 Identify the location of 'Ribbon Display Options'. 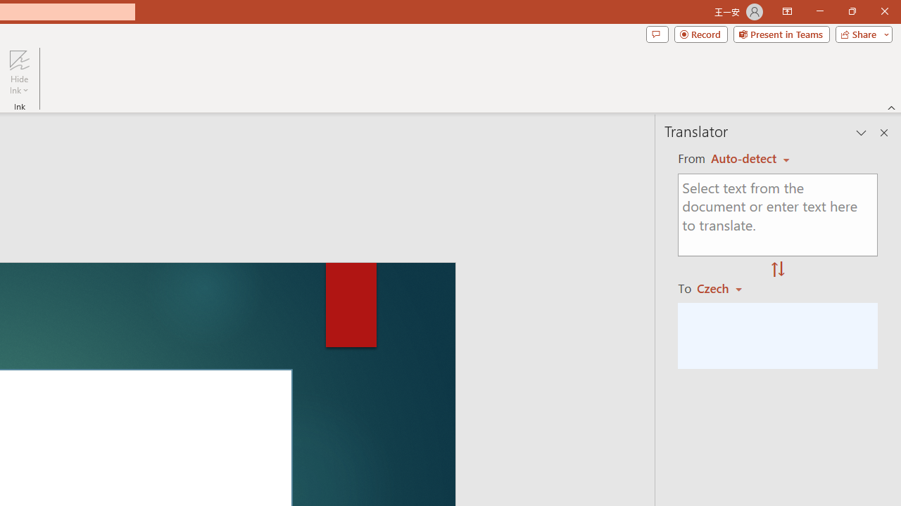
(786, 11).